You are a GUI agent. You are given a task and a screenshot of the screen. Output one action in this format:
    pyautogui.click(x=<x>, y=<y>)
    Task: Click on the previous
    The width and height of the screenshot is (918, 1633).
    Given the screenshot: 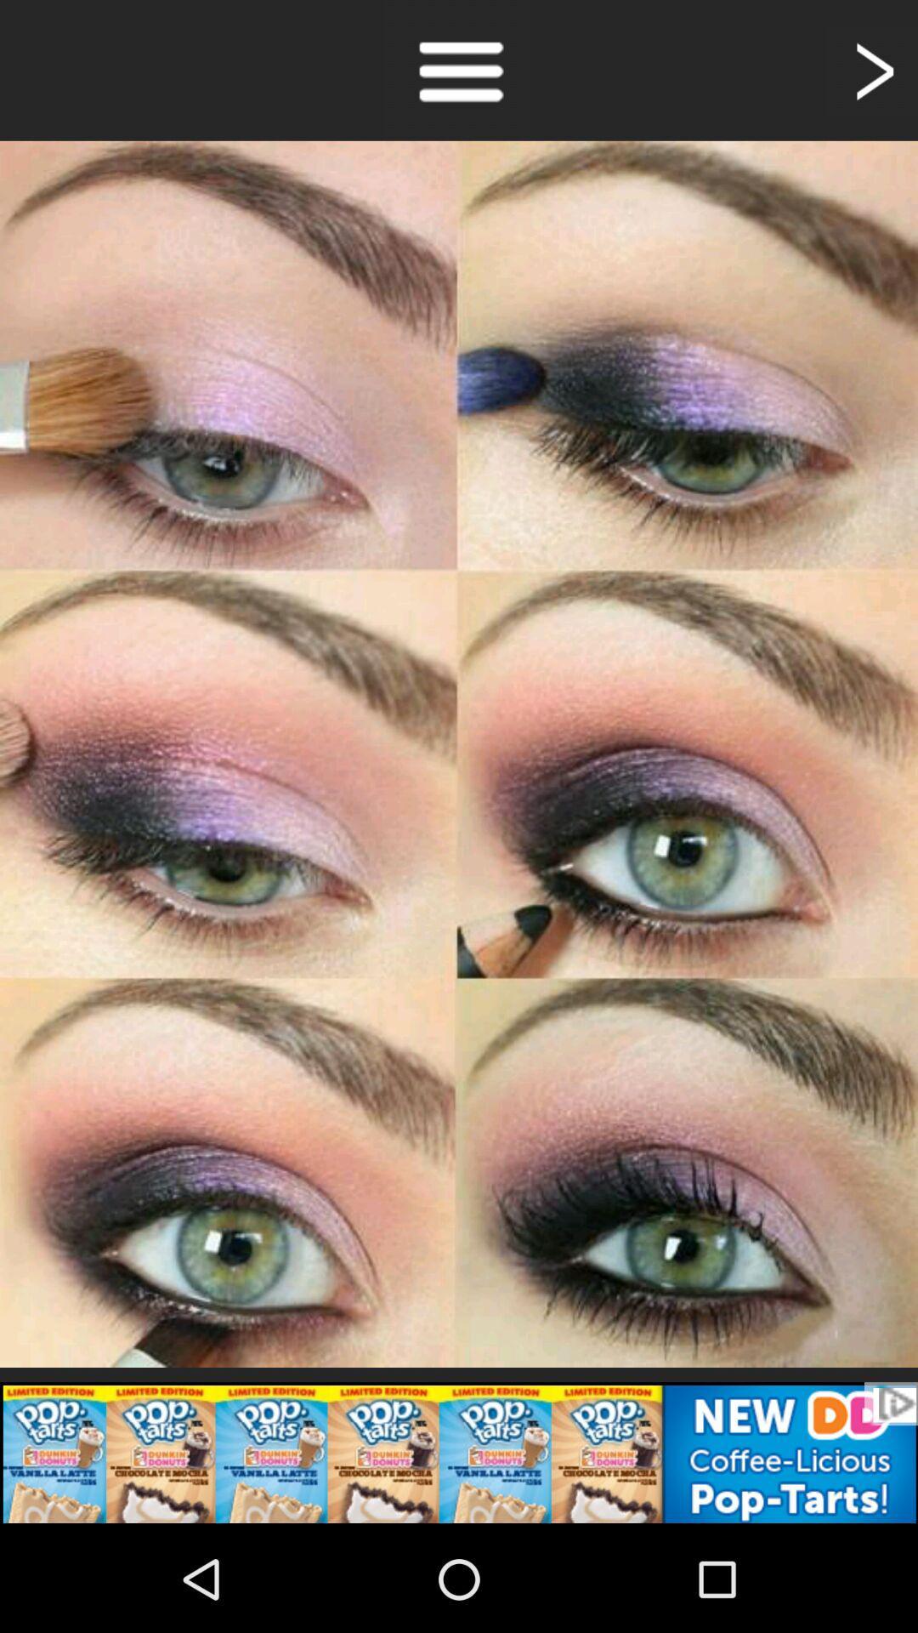 What is the action you would take?
    pyautogui.click(x=872, y=69)
    